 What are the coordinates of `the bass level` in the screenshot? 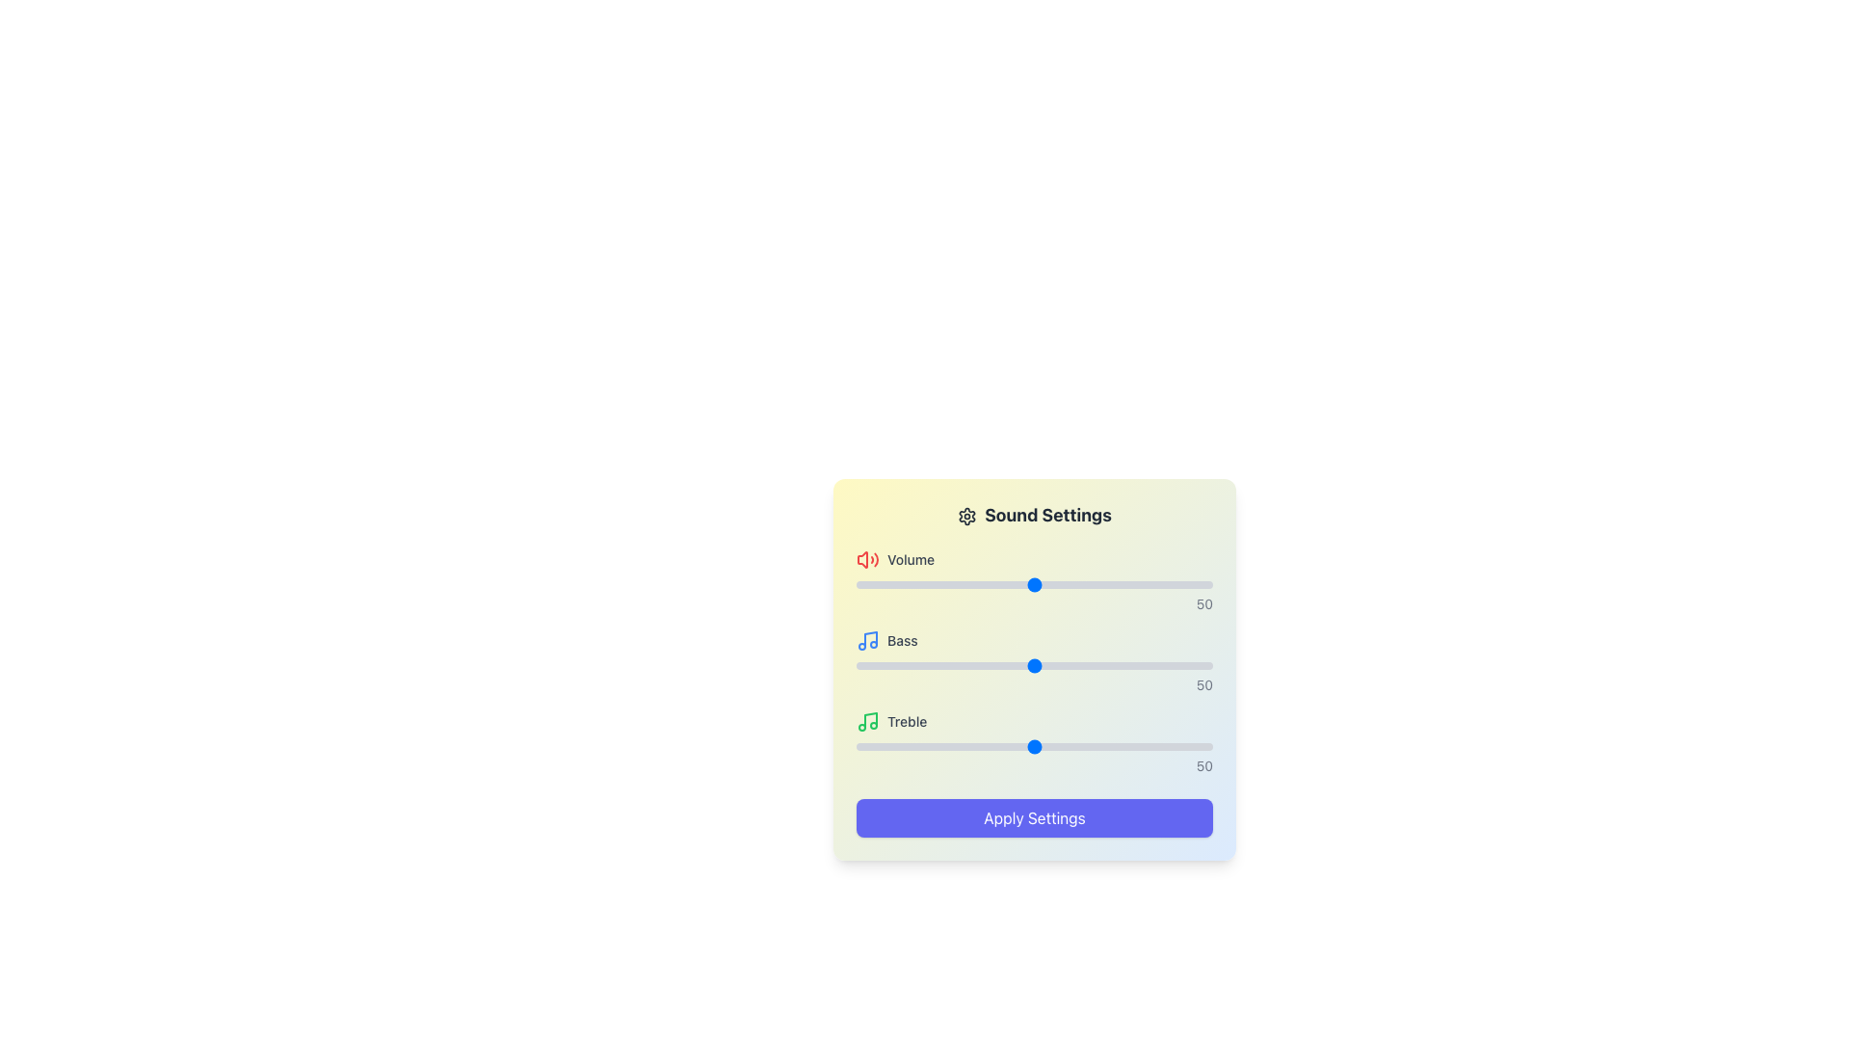 It's located at (894, 664).